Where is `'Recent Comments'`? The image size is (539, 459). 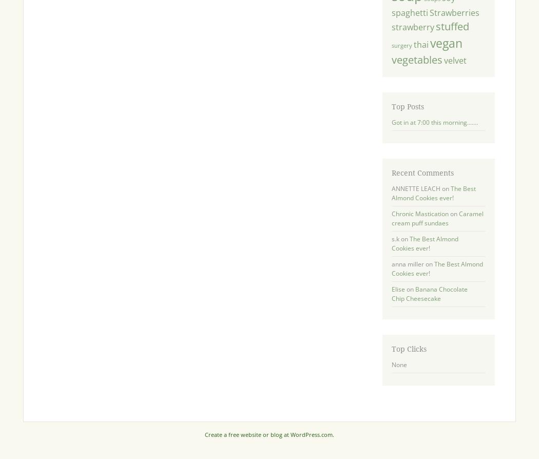
'Recent Comments' is located at coordinates (421, 171).